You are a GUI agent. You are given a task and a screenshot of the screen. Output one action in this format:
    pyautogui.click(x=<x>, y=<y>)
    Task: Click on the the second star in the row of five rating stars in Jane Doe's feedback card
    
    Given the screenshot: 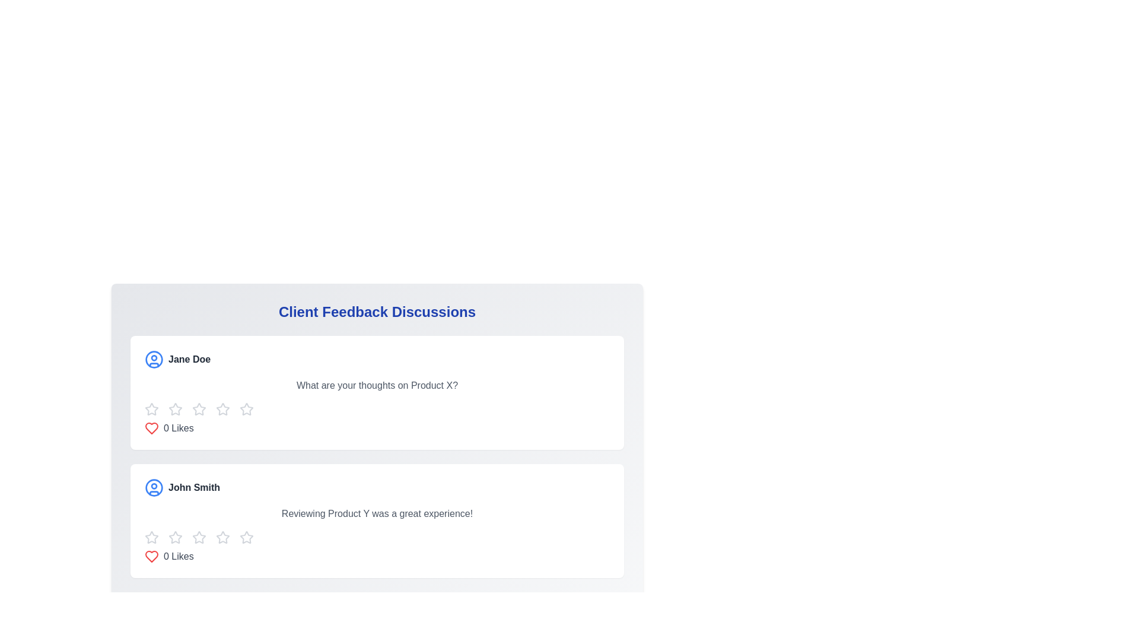 What is the action you would take?
    pyautogui.click(x=175, y=408)
    